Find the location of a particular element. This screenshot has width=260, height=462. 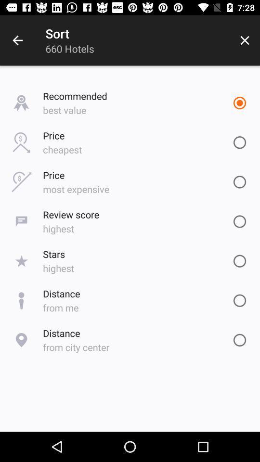

the icon above recommended is located at coordinates (245, 40).